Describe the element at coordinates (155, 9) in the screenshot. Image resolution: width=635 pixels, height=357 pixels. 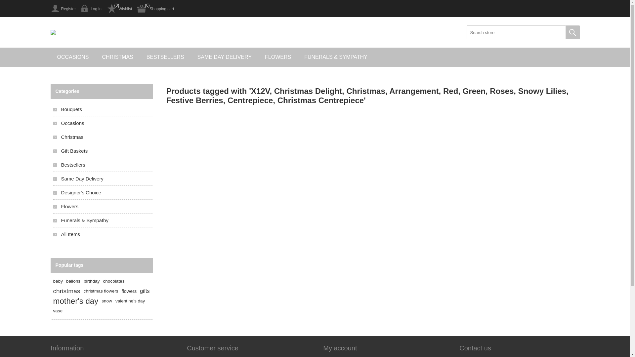
I see `'Shopping cart'` at that location.